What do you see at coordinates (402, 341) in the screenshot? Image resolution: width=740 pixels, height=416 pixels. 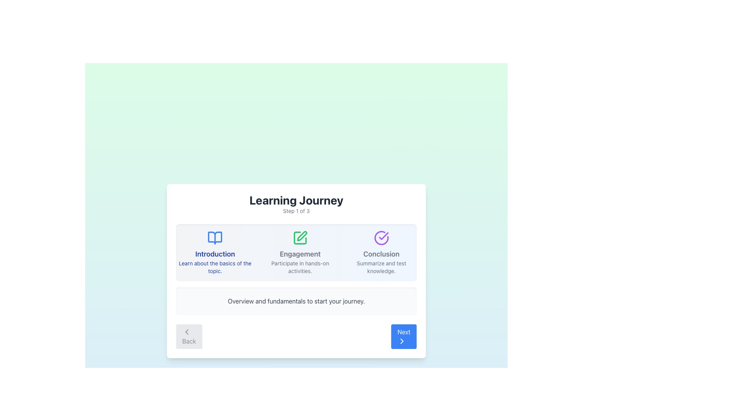 I see `the navigation icon located inside the 'Next' button at the bottom-right of the panel, positioned next to the text 'Next.'` at bounding box center [402, 341].